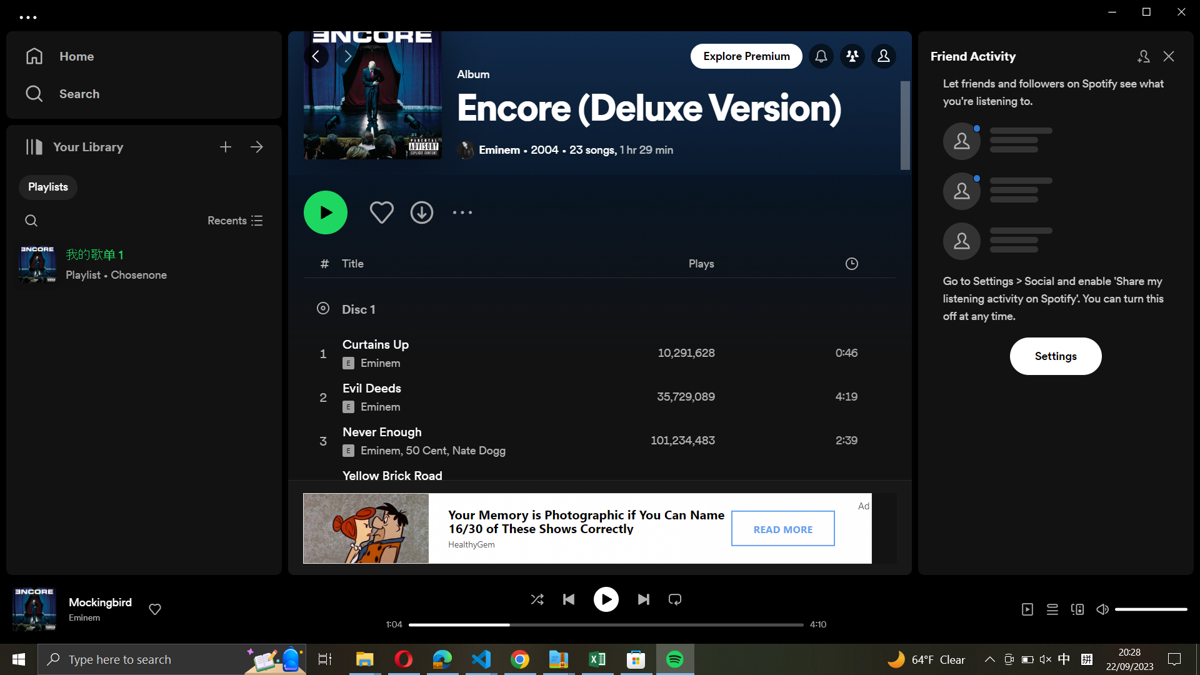 The width and height of the screenshot is (1200, 675). I want to click on Play the song Cutains Up, so click(597, 352).